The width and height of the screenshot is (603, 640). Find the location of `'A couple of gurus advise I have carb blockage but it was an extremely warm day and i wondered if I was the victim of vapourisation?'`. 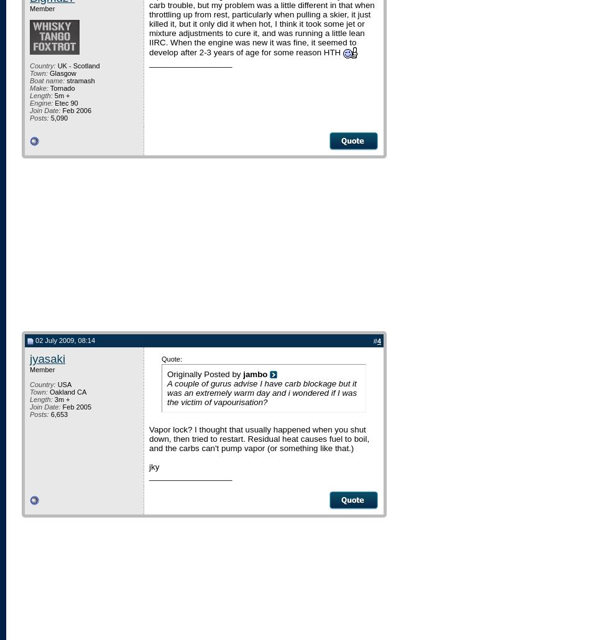

'A couple of gurus advise I have carb blockage but it was an extremely warm day and i wondered if I was the victim of vapourisation?' is located at coordinates (262, 391).